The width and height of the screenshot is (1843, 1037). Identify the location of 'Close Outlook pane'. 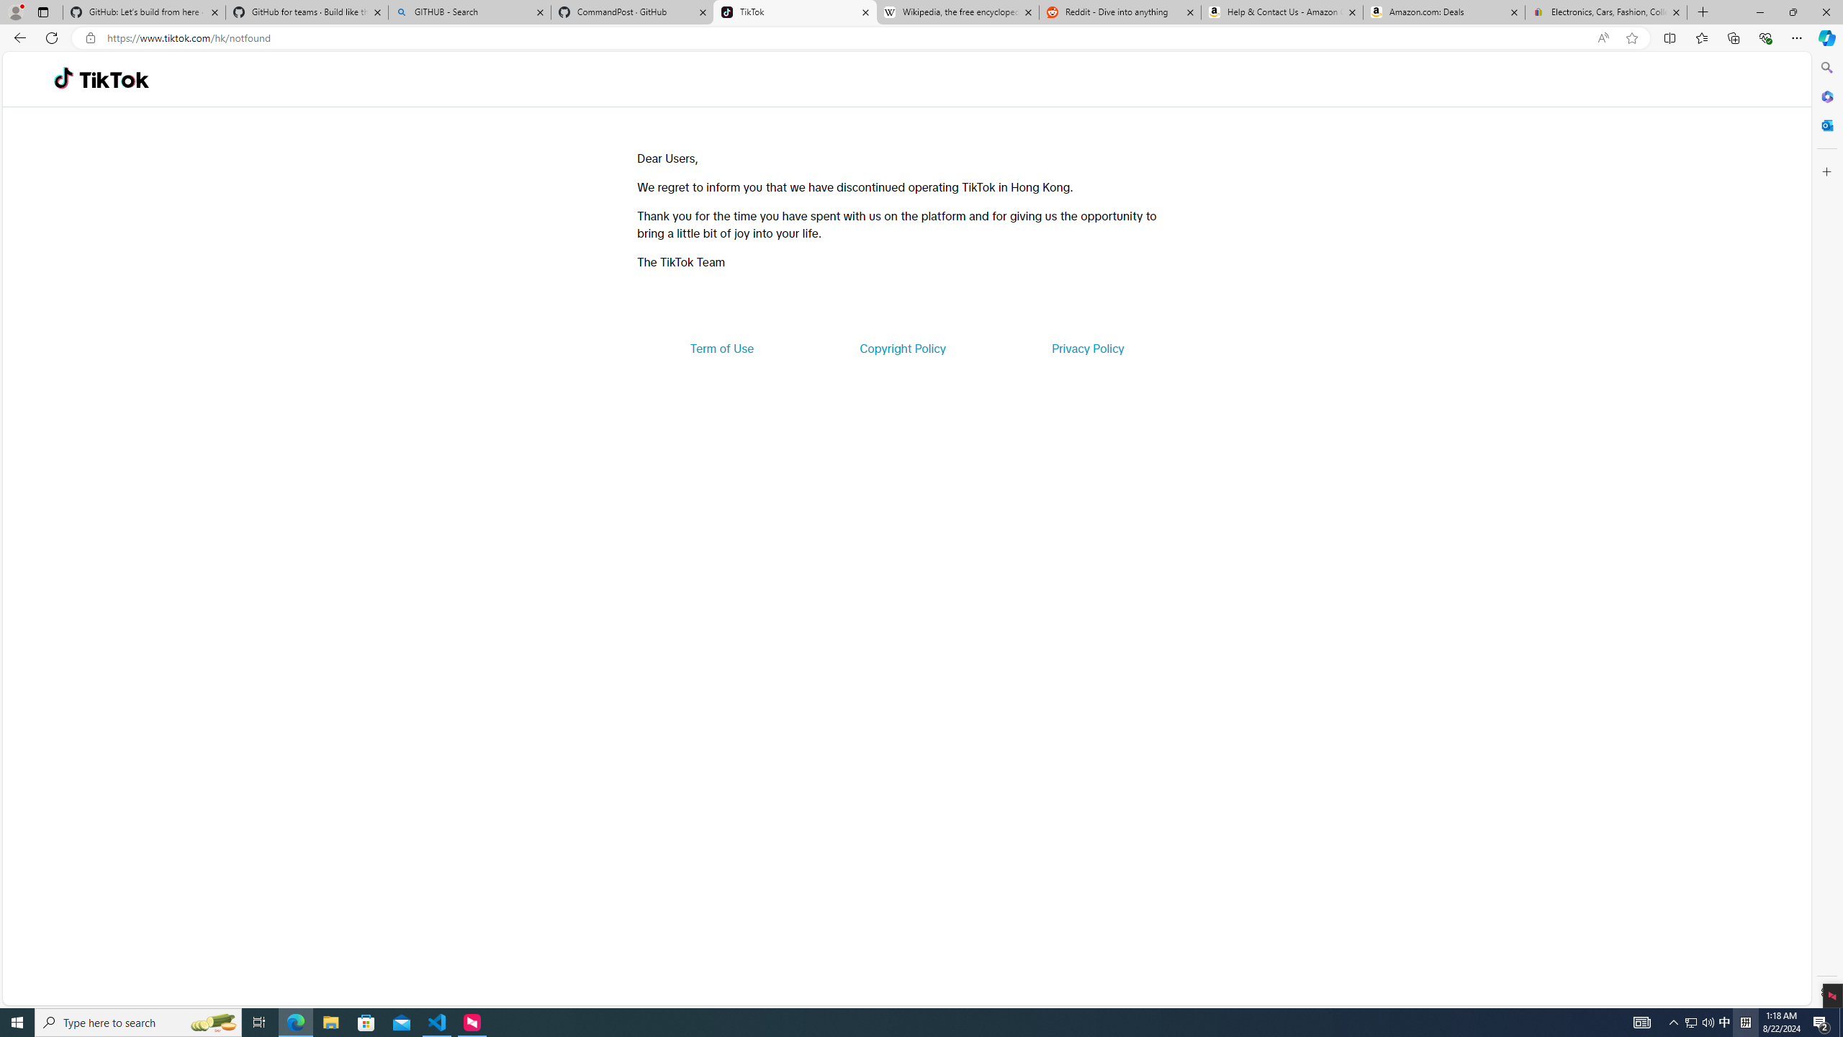
(1825, 124).